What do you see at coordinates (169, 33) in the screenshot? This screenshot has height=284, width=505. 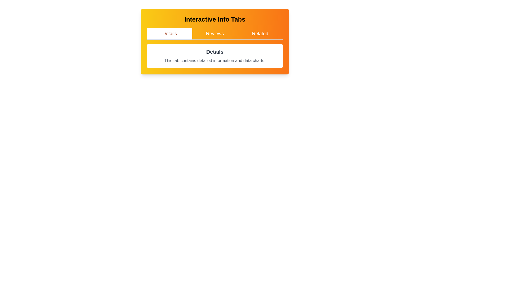 I see `the Details tab by clicking on its label` at bounding box center [169, 33].